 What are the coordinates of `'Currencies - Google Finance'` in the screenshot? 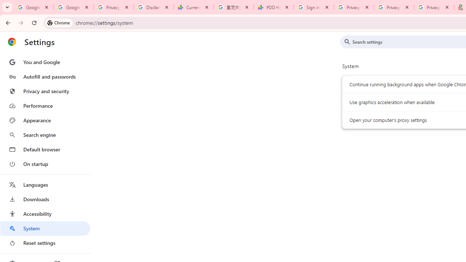 It's located at (194, 7).